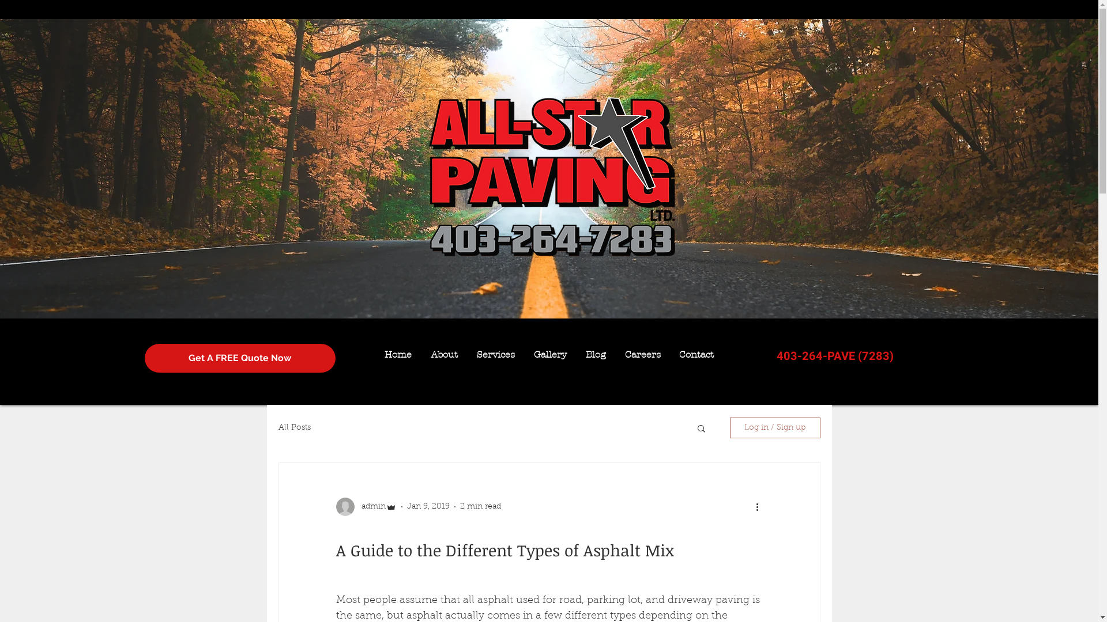  Describe the element at coordinates (495, 354) in the screenshot. I see `'Services'` at that location.